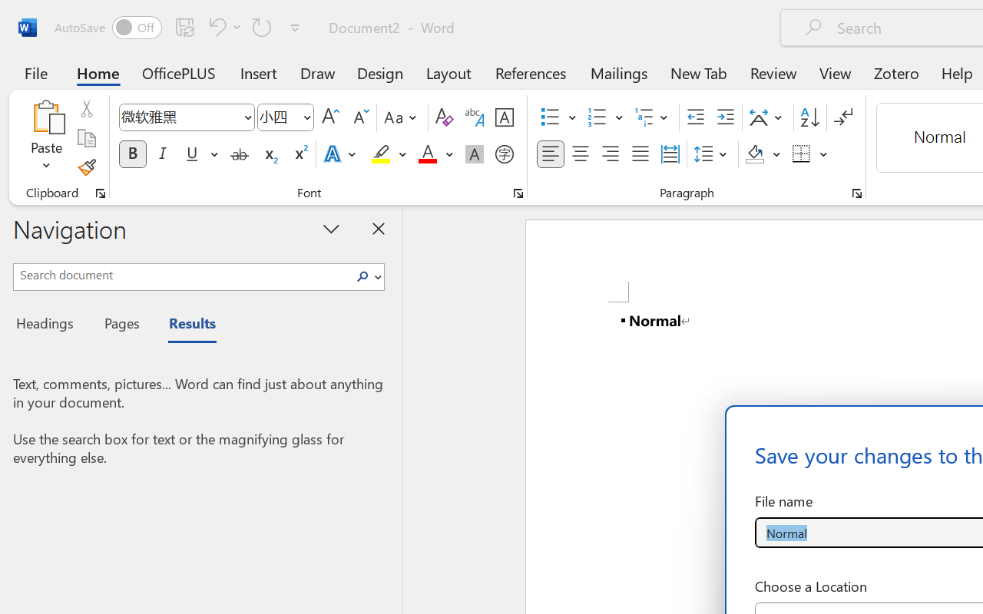  I want to click on 'Justify', so click(640, 154).